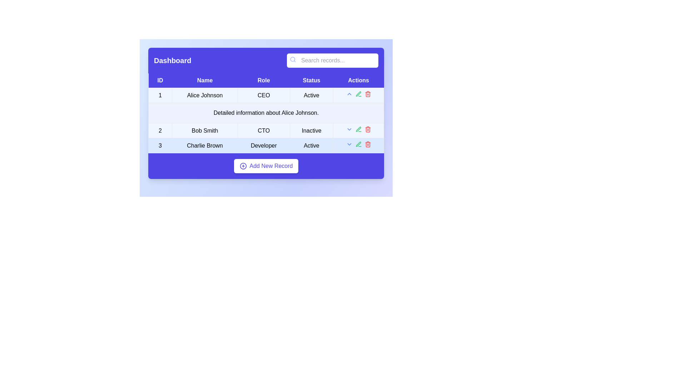  I want to click on the Edit button, so click(358, 129).